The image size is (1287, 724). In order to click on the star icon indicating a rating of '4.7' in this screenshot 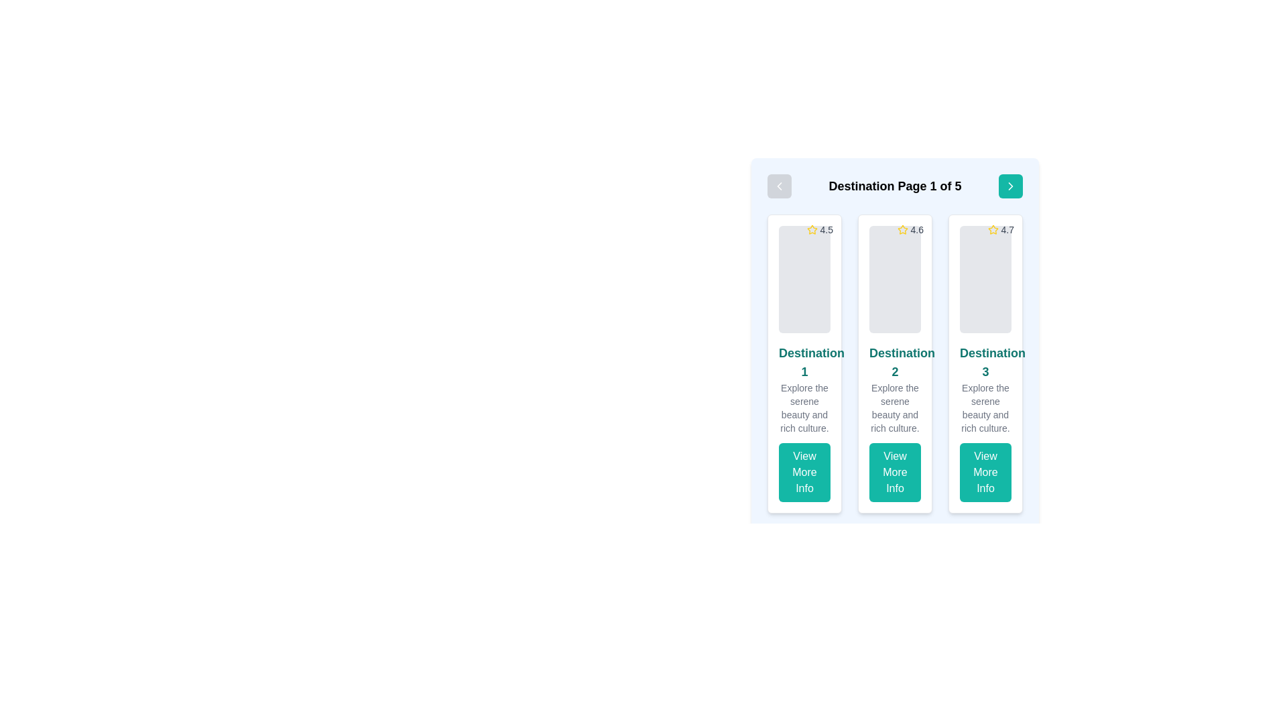, I will do `click(993, 229)`.